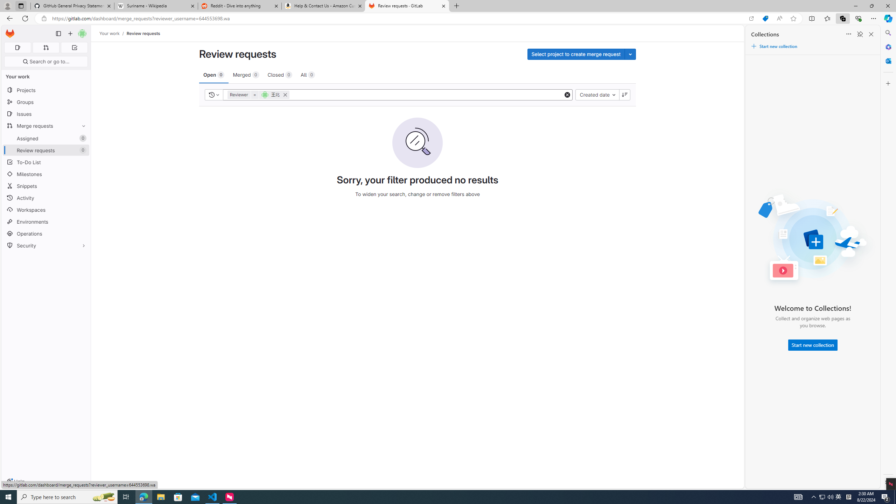  What do you see at coordinates (213, 74) in the screenshot?
I see `'Open 0'` at bounding box center [213, 74].